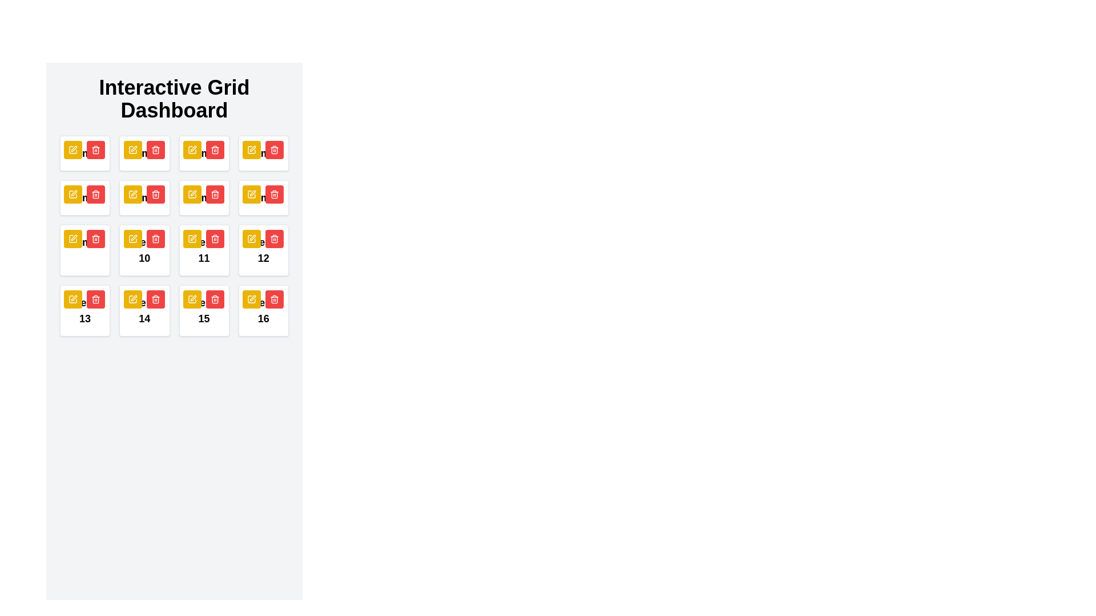  What do you see at coordinates (203, 193) in the screenshot?
I see `the grouped buttons with icons in the top-right corner of the card labeled 'Item 7'` at bounding box center [203, 193].